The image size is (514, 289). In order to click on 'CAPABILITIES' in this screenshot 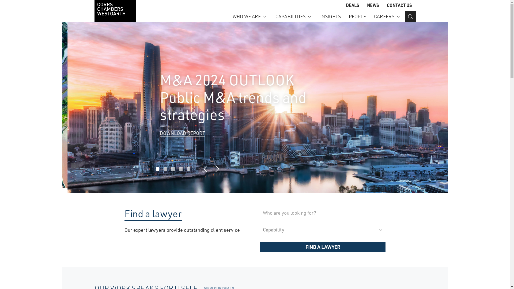, I will do `click(275, 16)`.